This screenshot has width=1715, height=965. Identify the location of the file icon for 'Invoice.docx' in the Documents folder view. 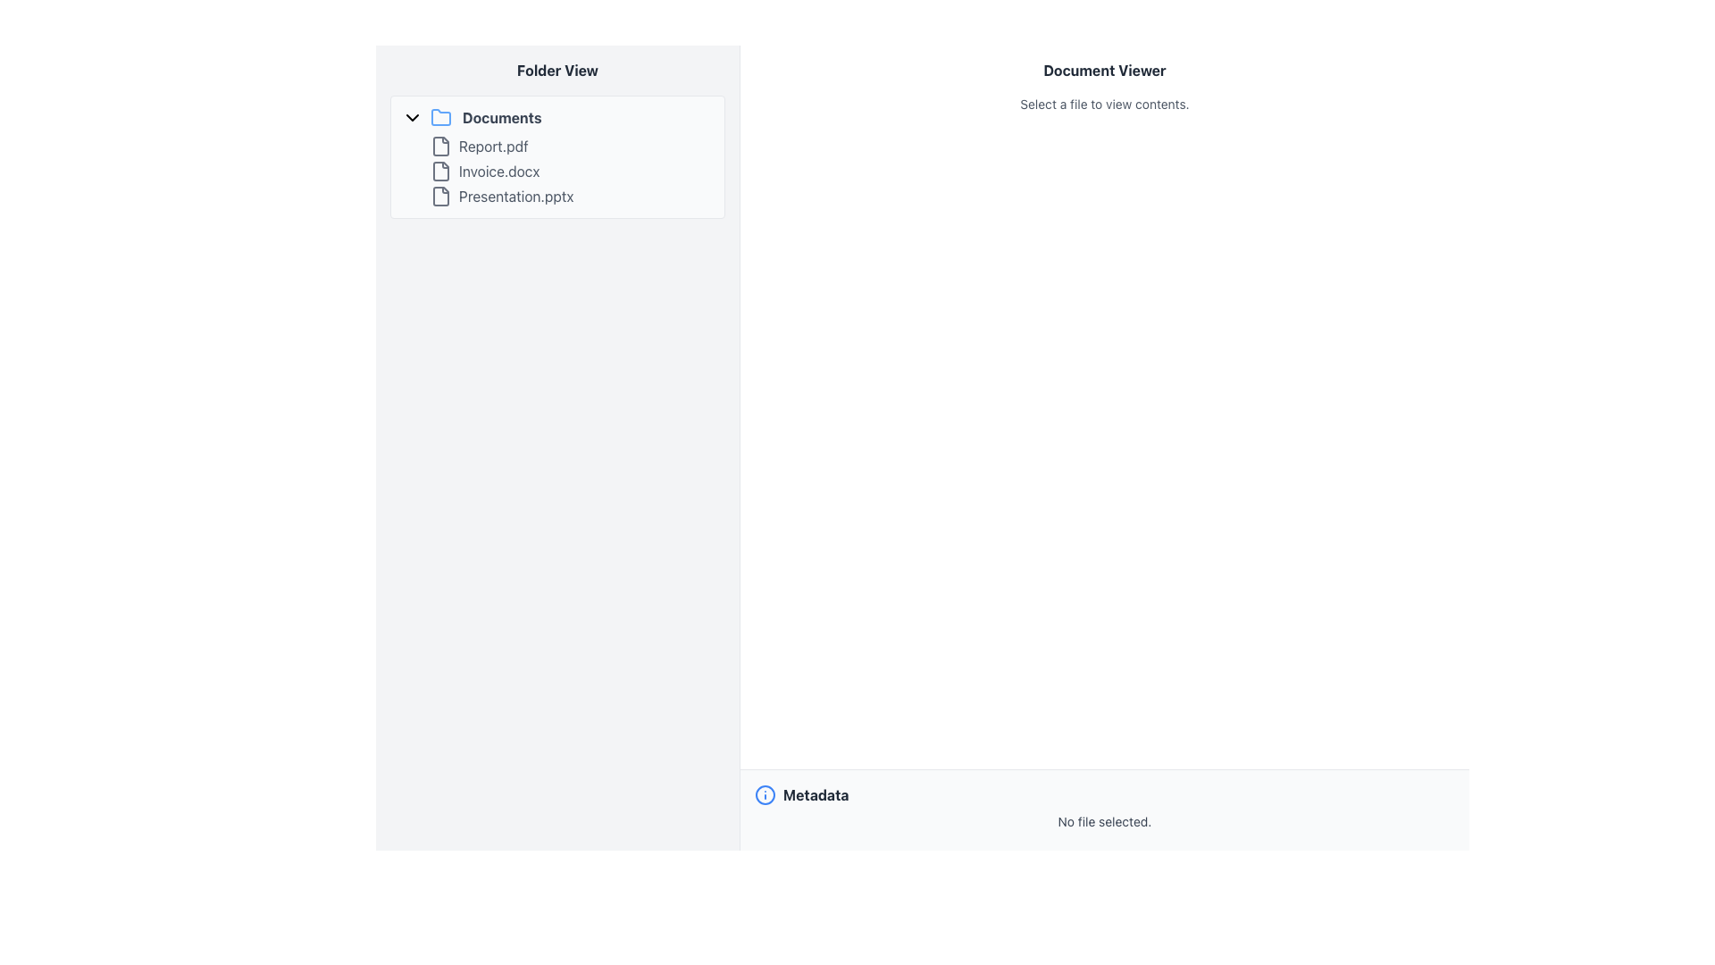
(441, 172).